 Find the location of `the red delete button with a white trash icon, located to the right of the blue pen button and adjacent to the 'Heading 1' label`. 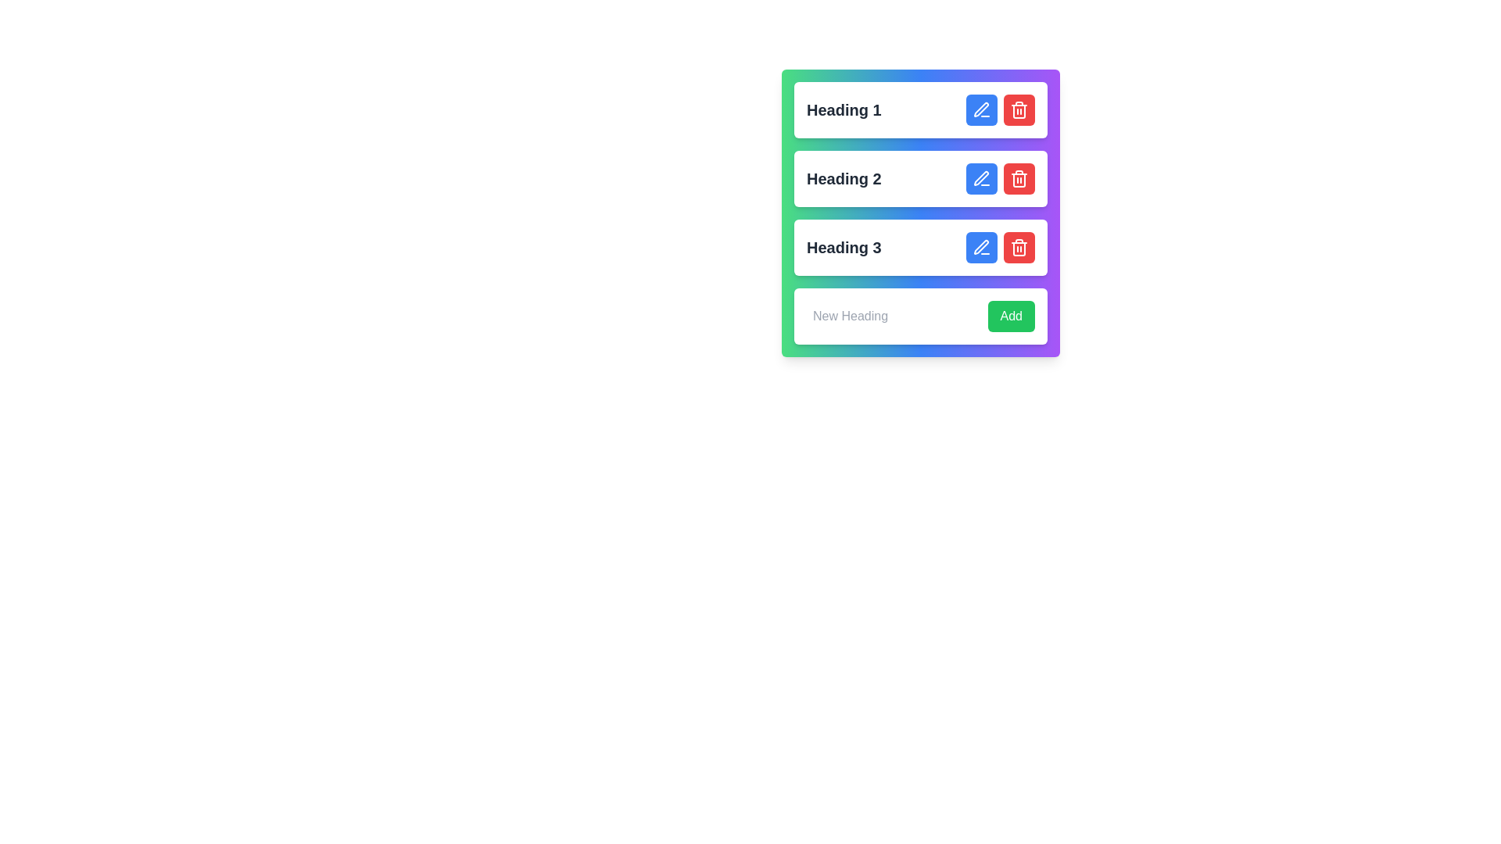

the red delete button with a white trash icon, located to the right of the blue pen button and adjacent to the 'Heading 1' label is located at coordinates (1019, 109).